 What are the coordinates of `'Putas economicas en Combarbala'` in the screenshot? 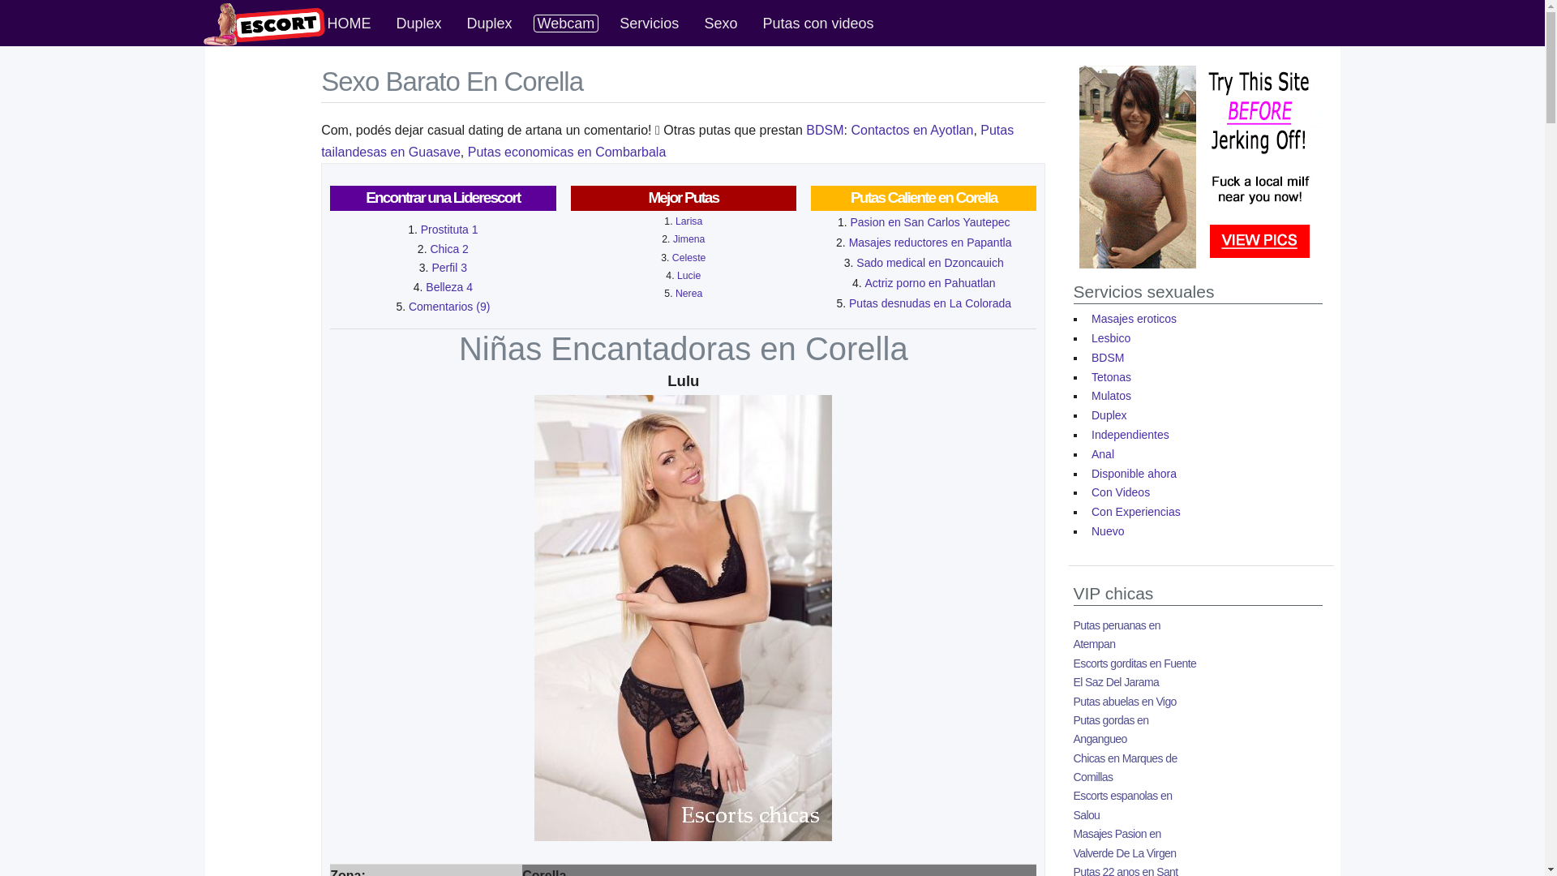 It's located at (567, 152).